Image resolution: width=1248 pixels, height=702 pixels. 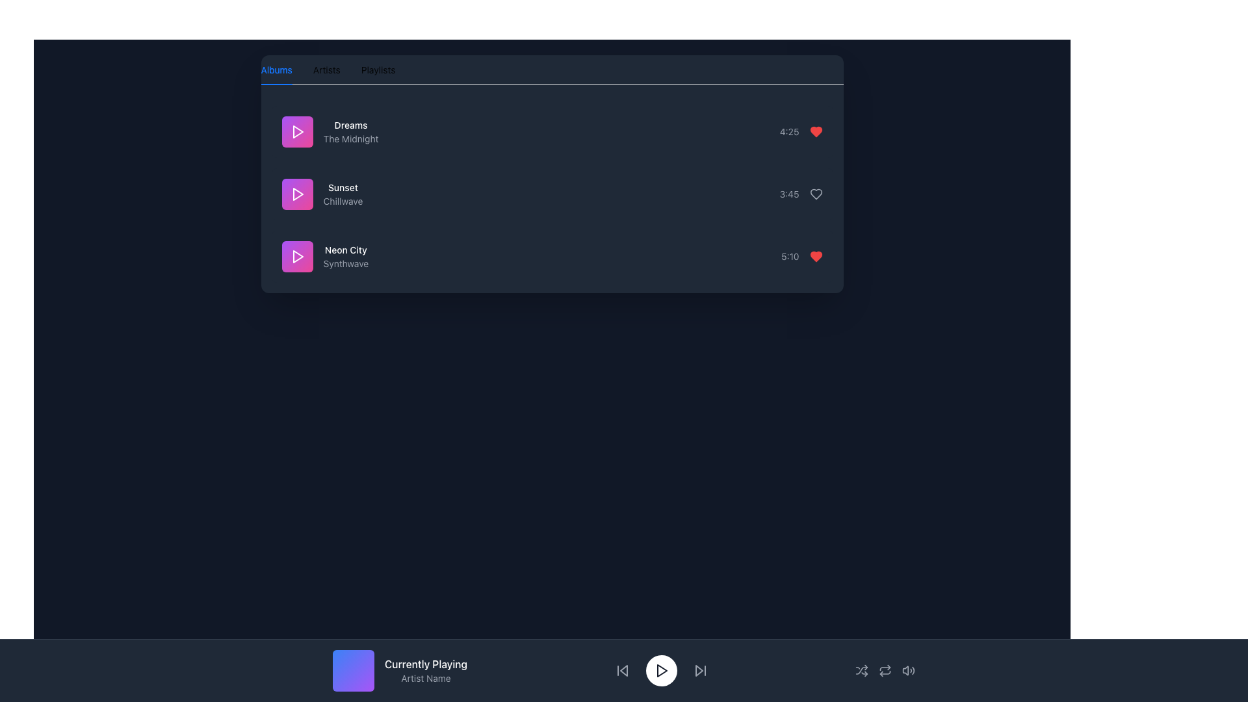 I want to click on the play/pause button located in the control panel at the bottom of the interface, so click(x=661, y=671).